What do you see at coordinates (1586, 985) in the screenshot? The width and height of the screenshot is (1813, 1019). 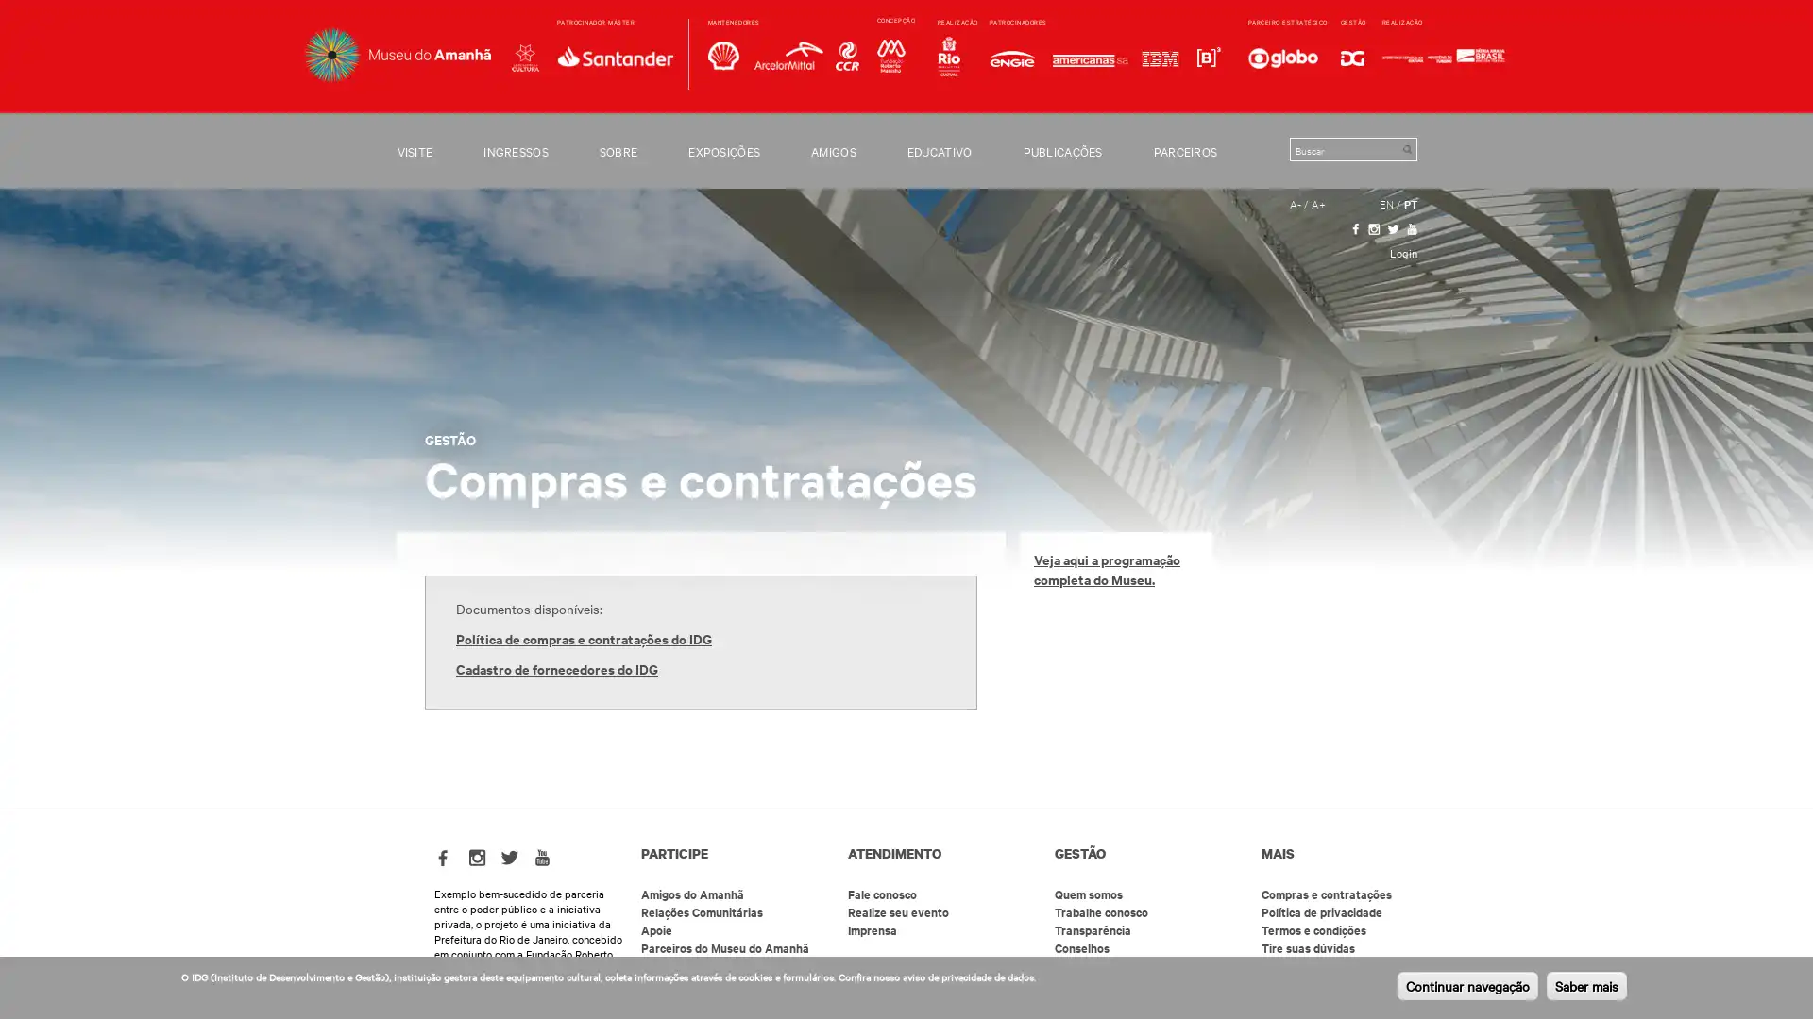 I see `Saber mais` at bounding box center [1586, 985].